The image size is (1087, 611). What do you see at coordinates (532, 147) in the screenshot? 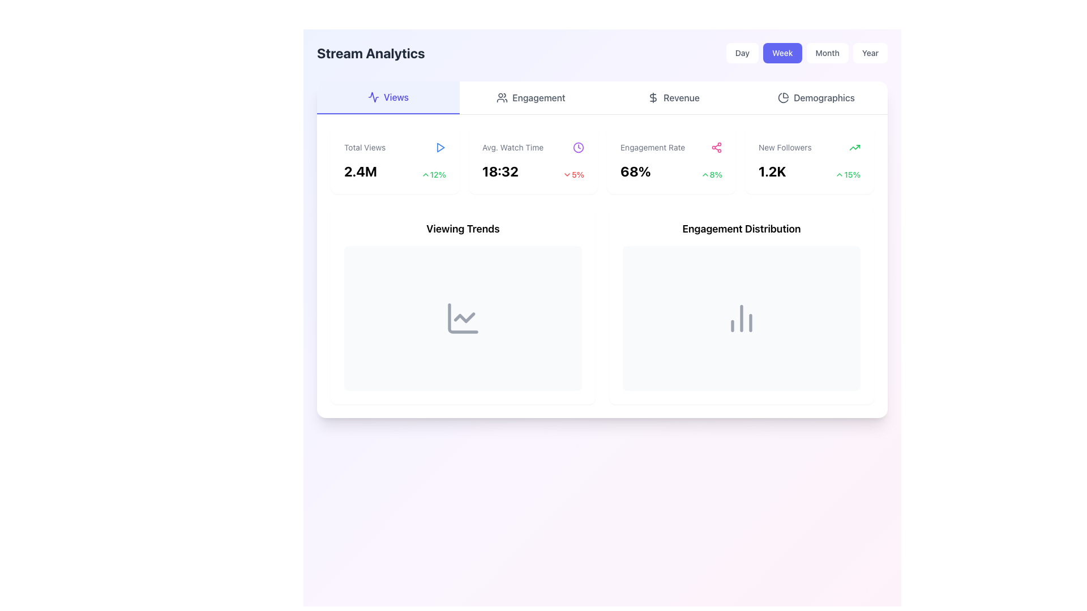
I see `the purple clock icon next to the Text label identifying the average watch time in the 'Stream Analytics' dashboard` at bounding box center [532, 147].